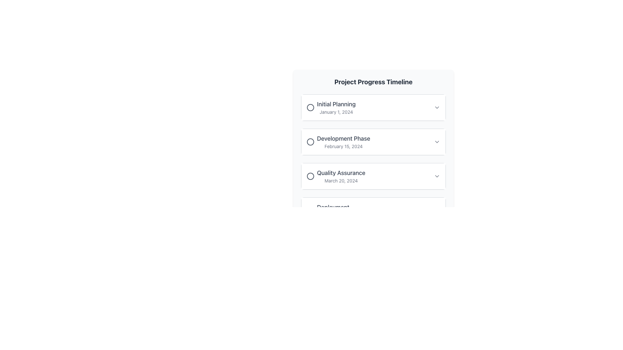 The height and width of the screenshot is (350, 623). Describe the element at coordinates (310, 107) in the screenshot. I see `the first circular icon in the Project Progress Timeline section, which is located to the left of the 'Initial Planning' text` at that location.